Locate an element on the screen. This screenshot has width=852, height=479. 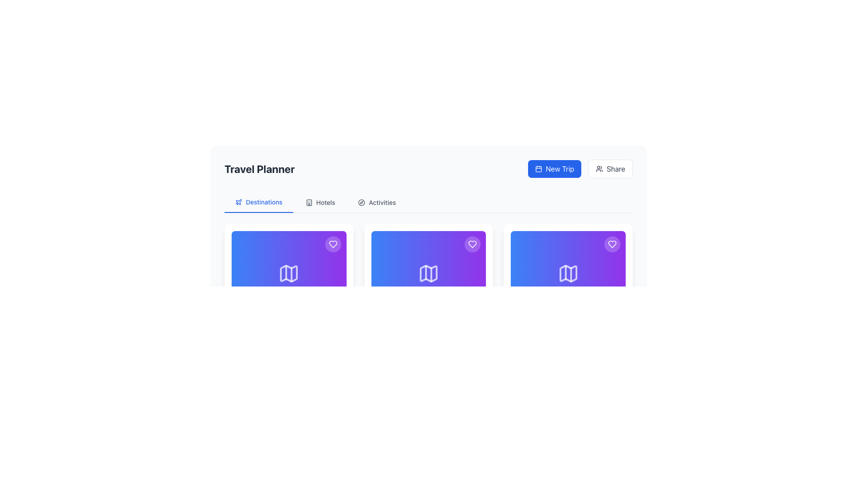
the 'Activities' label in the navigation bar, which is styled in dark gray on a light background and positioned to the right of the 'Hotels' item is located at coordinates (382, 202).